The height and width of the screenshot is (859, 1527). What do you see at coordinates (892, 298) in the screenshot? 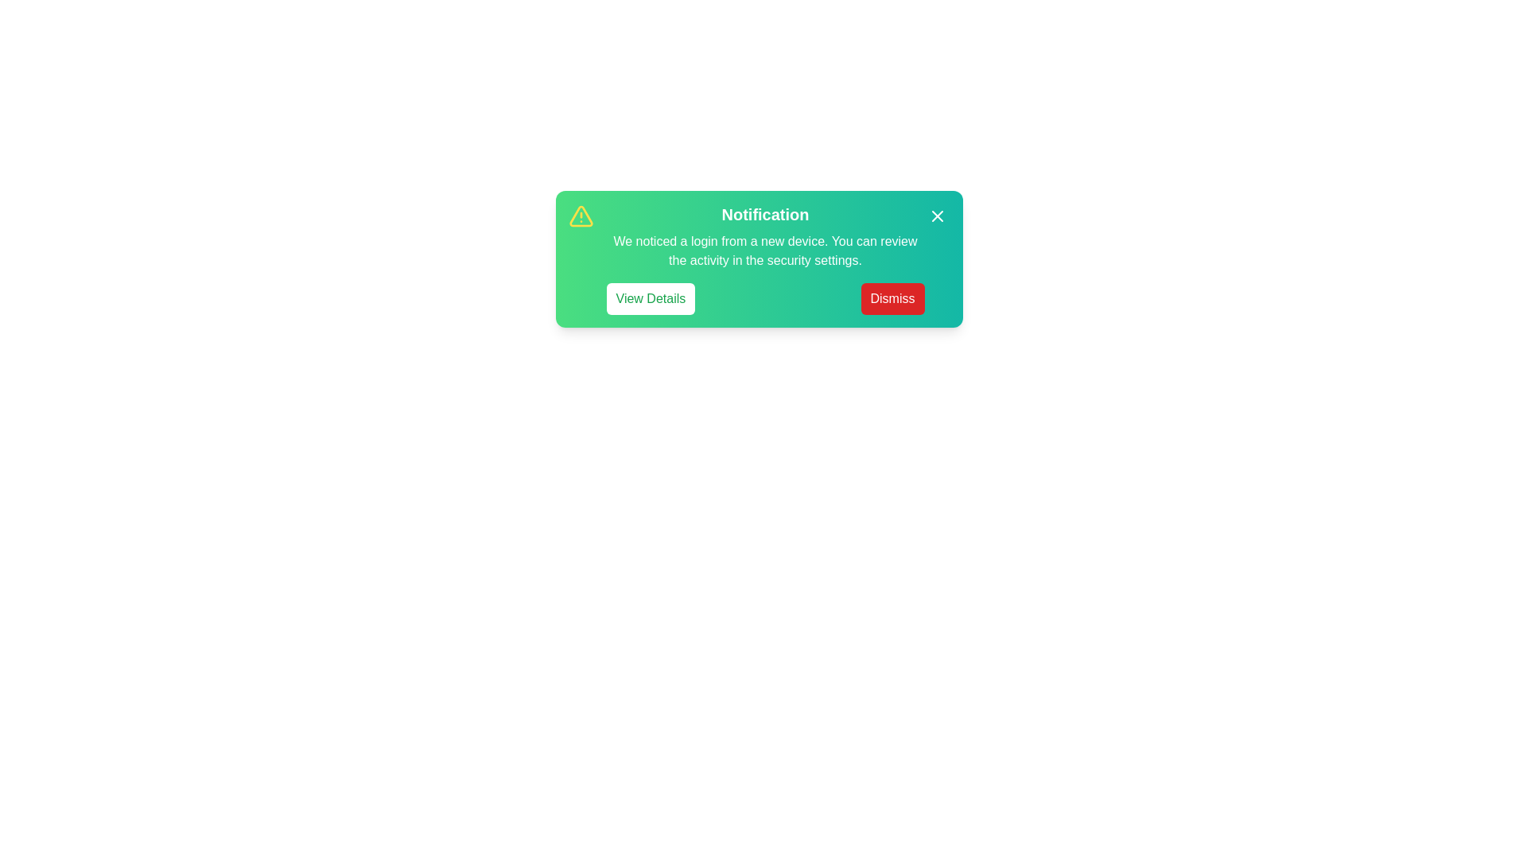
I see `the 'Dismiss' button to hide the alert` at bounding box center [892, 298].